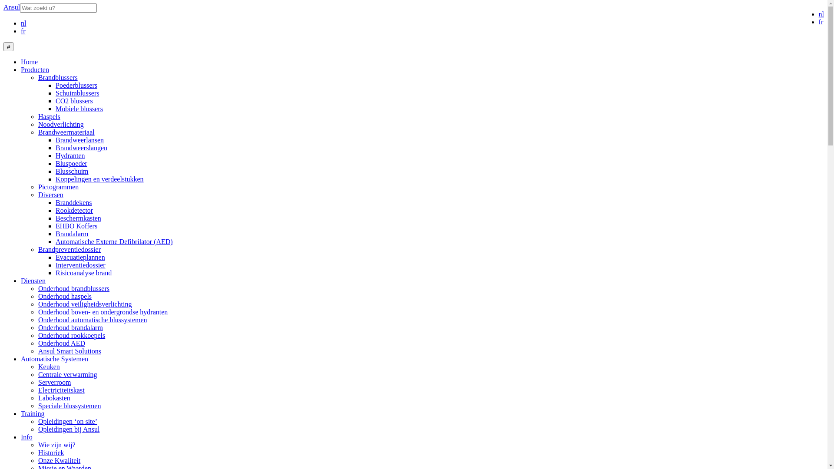 Image resolution: width=834 pixels, height=469 pixels. Describe the element at coordinates (59, 460) in the screenshot. I see `'Onze Kwaliteit'` at that location.